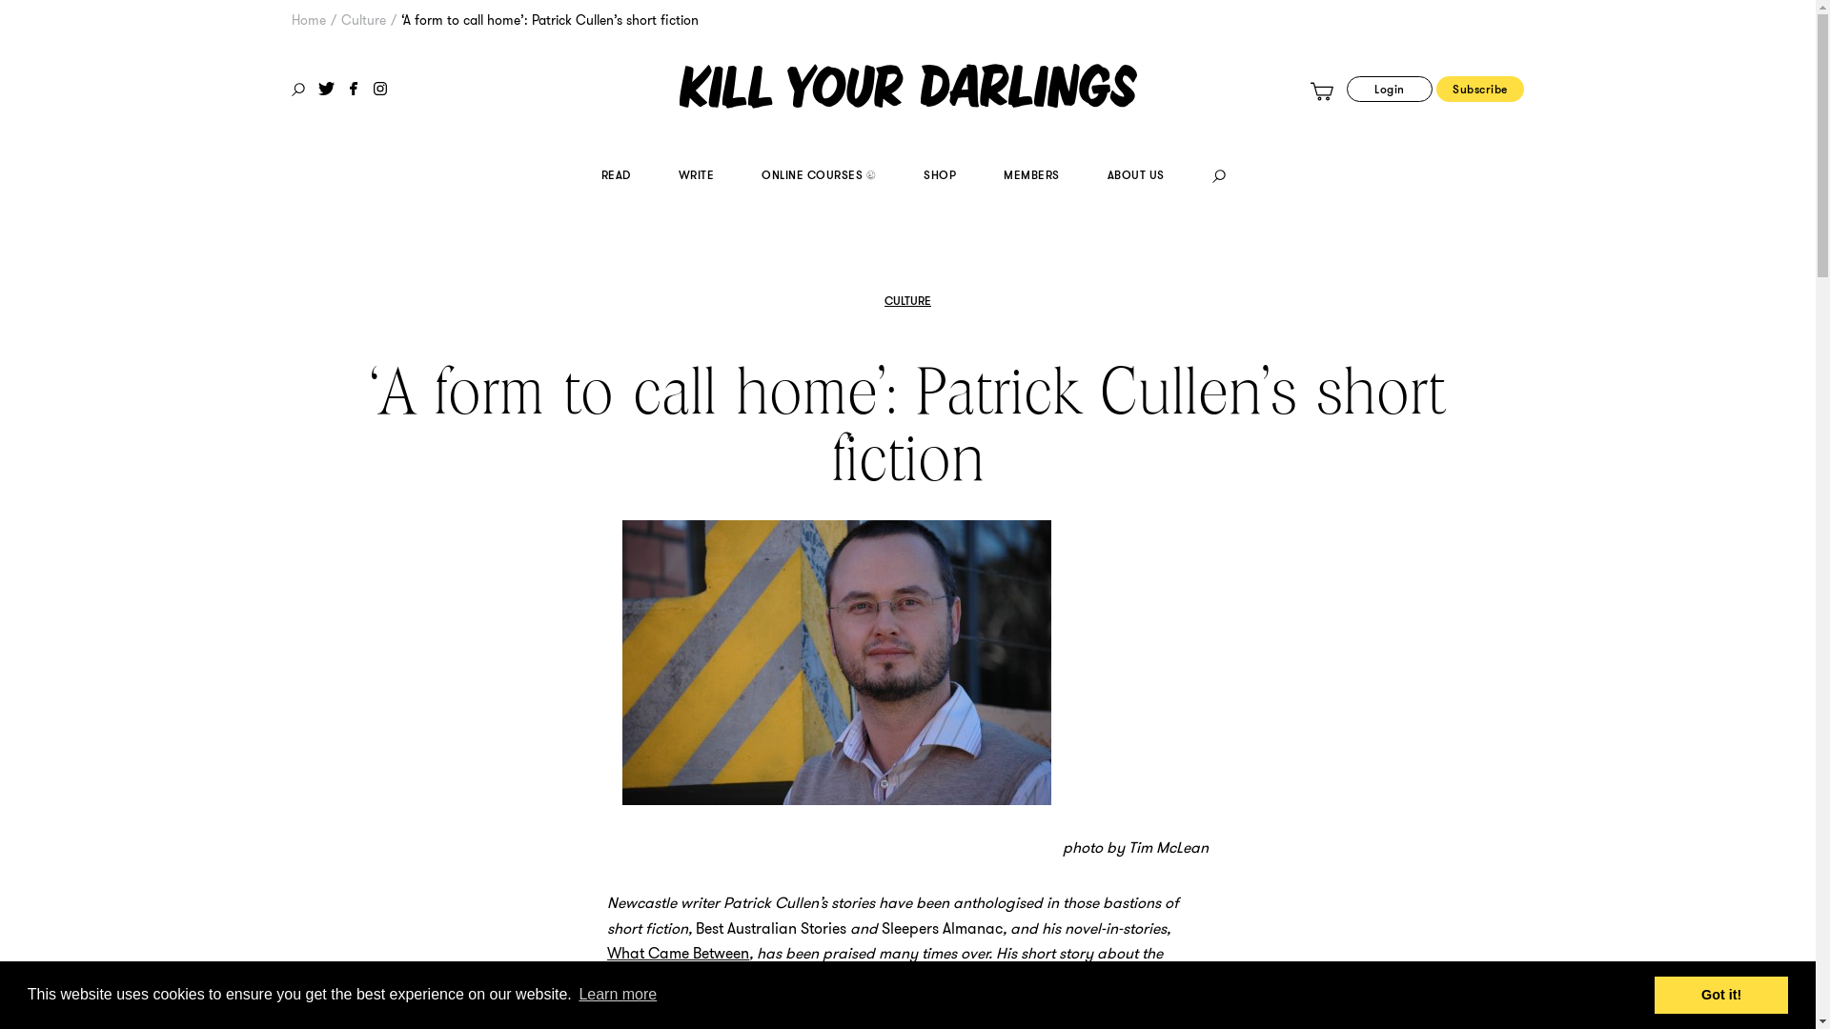 This screenshot has height=1029, width=1830. Describe the element at coordinates (353, 88) in the screenshot. I see `'Facebook'` at that location.